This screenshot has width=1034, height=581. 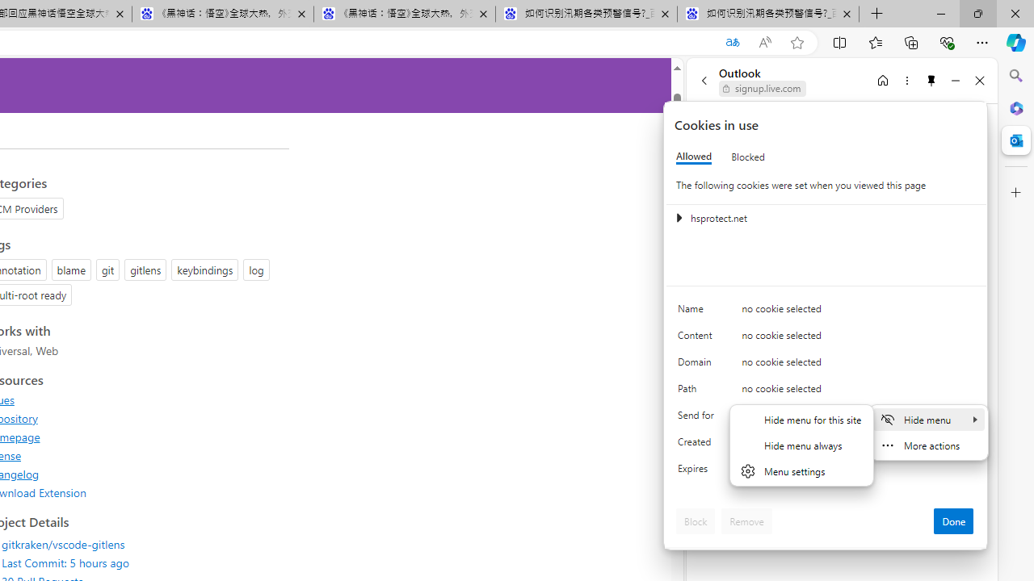 I want to click on 'Expires', so click(x=699, y=472).